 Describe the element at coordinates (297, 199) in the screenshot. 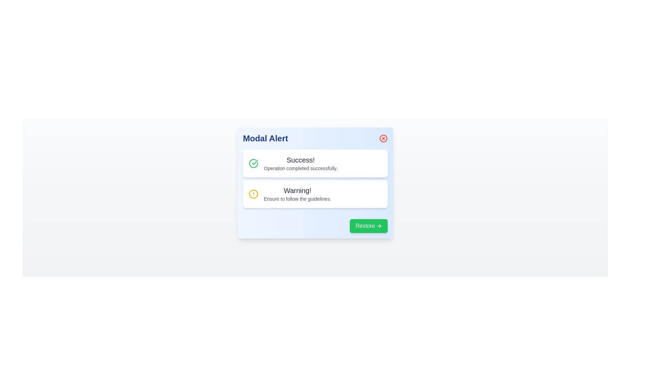

I see `the text label located near the bottom-left of the modal, which is the second line of text in the warning section following the 'Warning!' text` at that location.